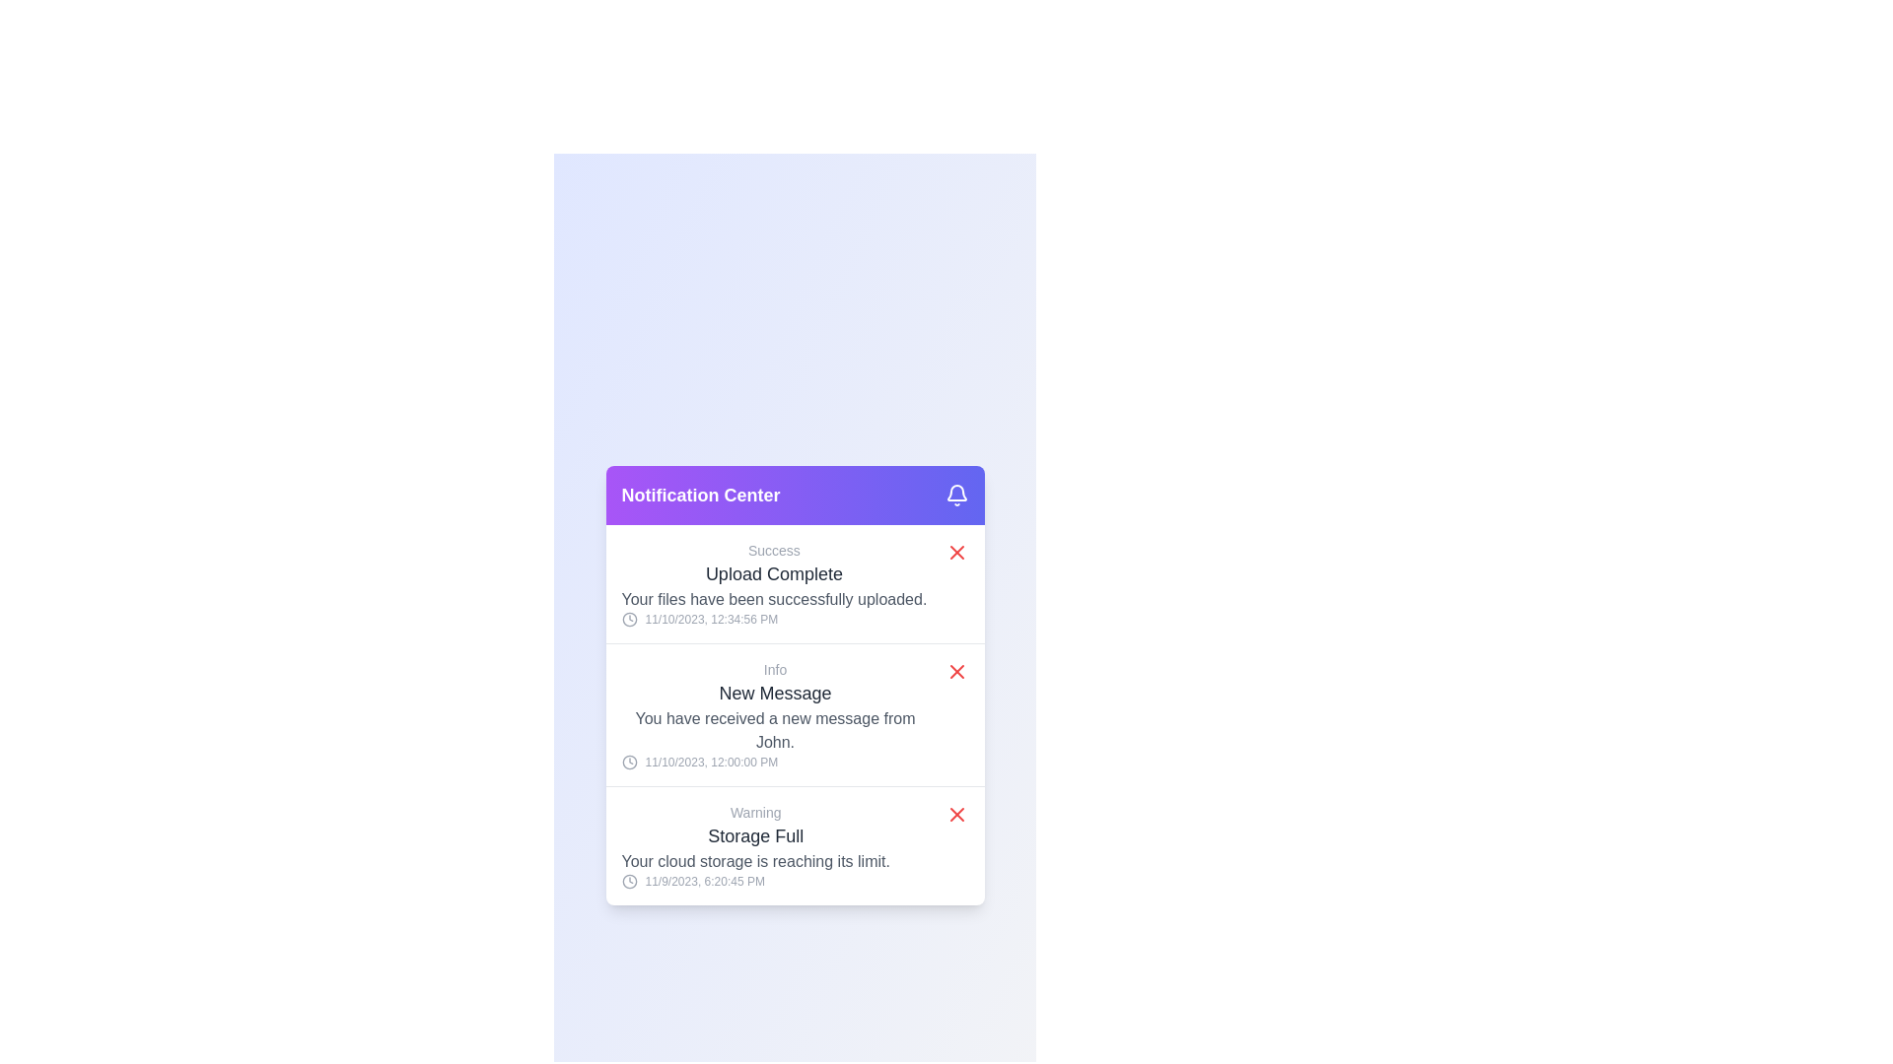  What do you see at coordinates (628, 762) in the screenshot?
I see `the clock icon located to the left of the timestamp '11/10/2023, 12:00:00 PM' within the 'New Message' notification card` at bounding box center [628, 762].